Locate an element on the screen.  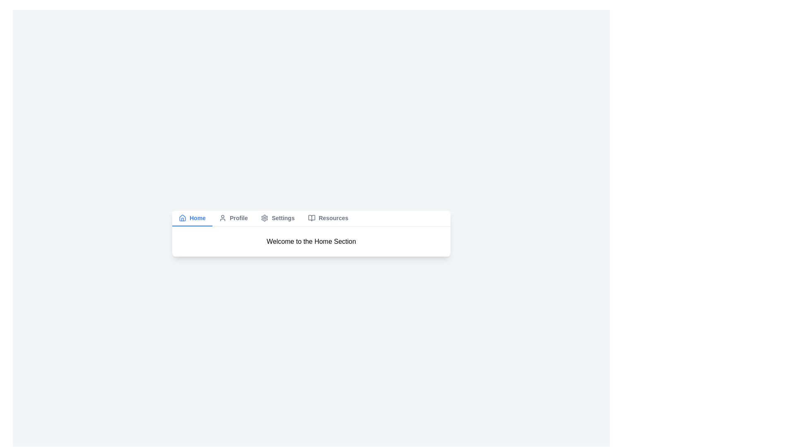
the 'Settings' text label, which is styled in gray and located in the horizontal navigation bar below 'Home' is located at coordinates (283, 217).